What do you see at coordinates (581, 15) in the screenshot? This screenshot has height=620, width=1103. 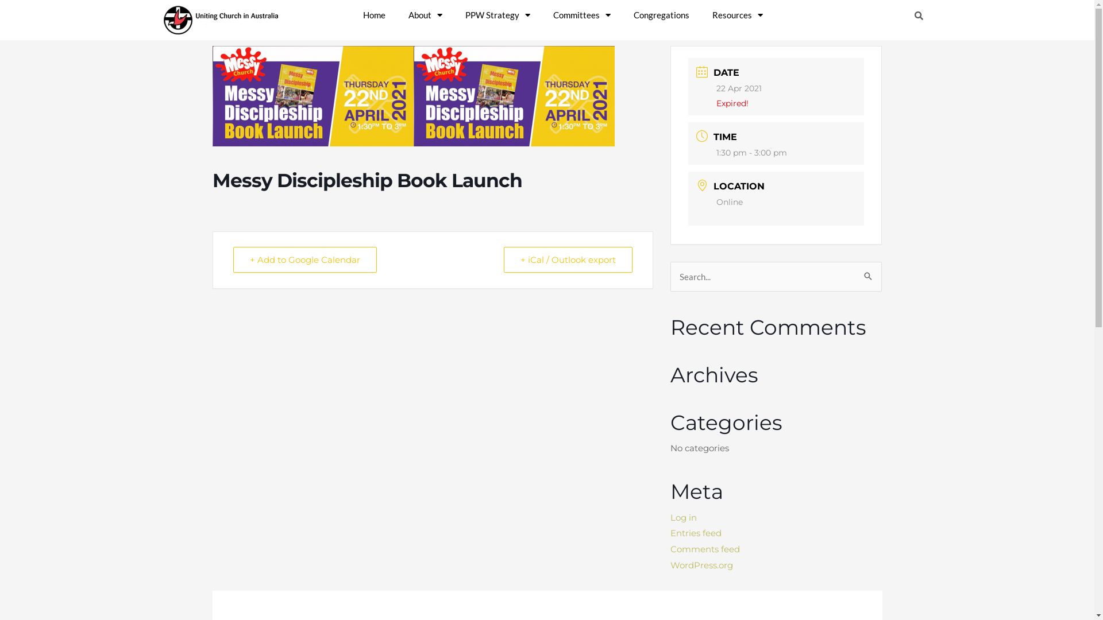 I see `'Committees'` at bounding box center [581, 15].